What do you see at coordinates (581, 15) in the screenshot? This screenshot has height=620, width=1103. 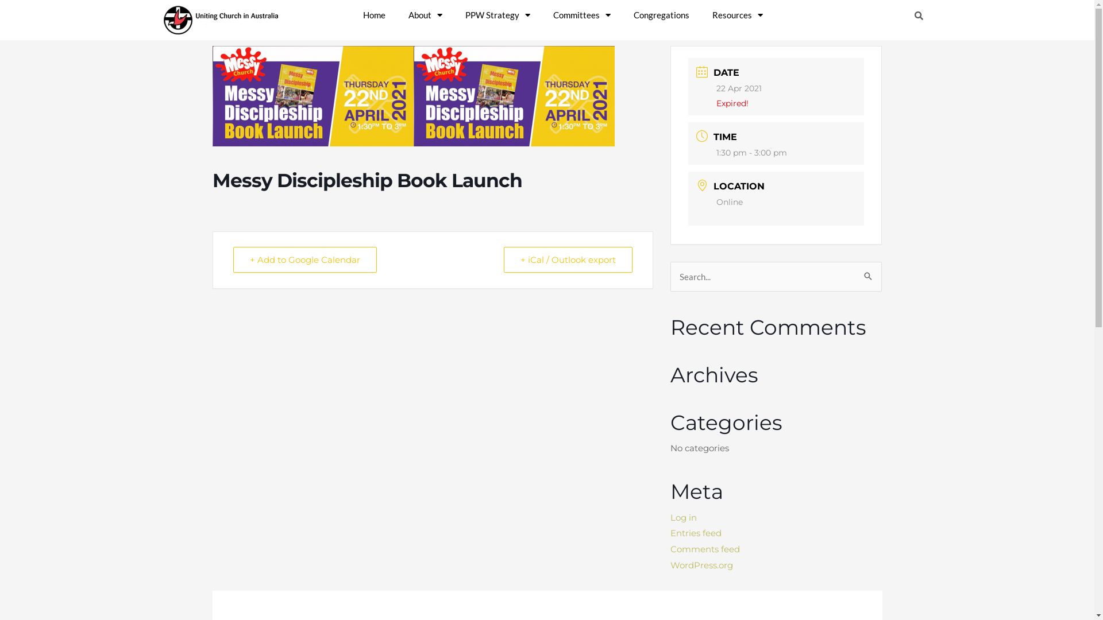 I see `'Committees'` at bounding box center [581, 15].